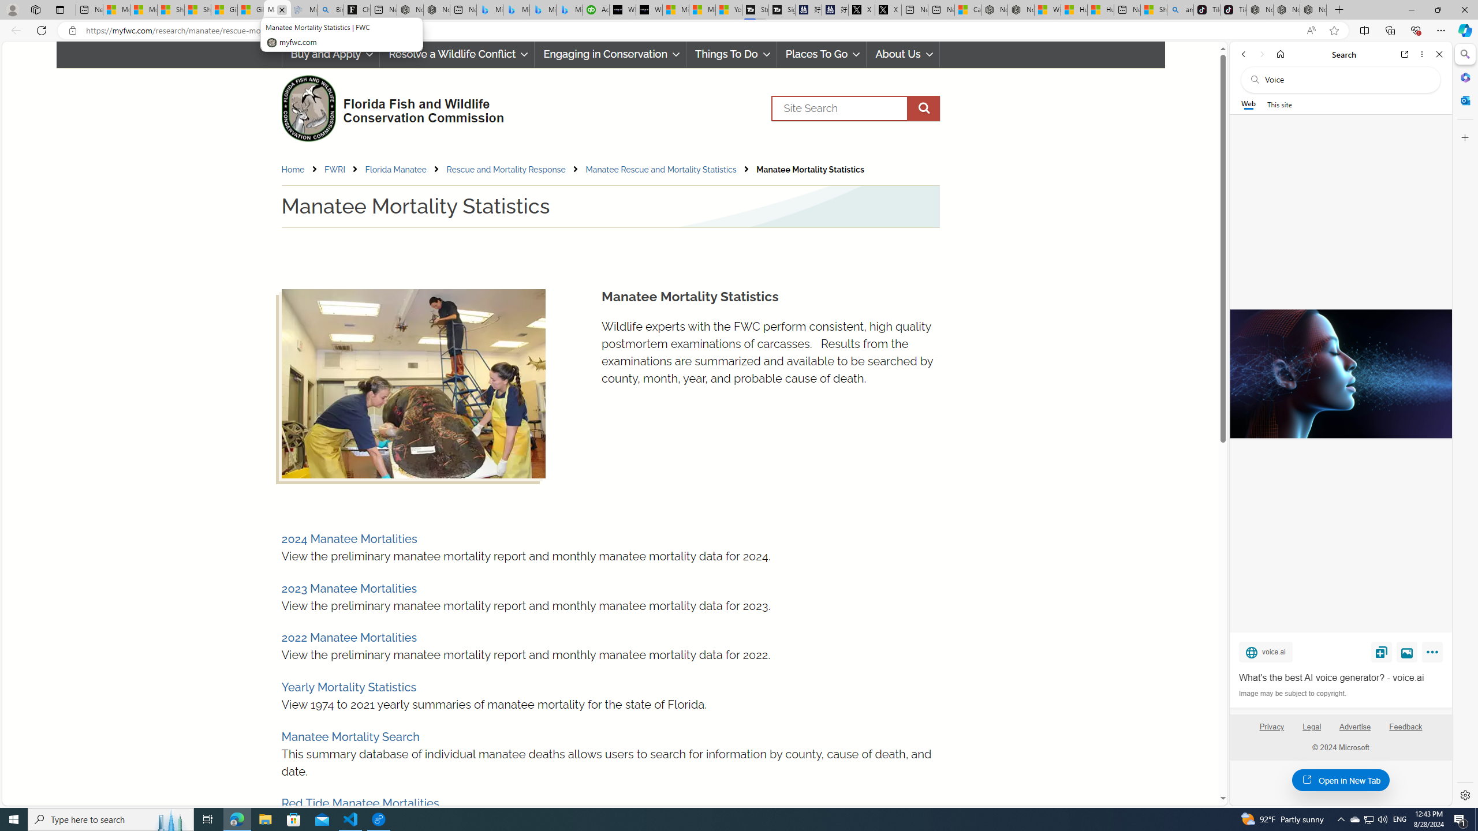 The width and height of the screenshot is (1478, 831). Describe the element at coordinates (1438, 9) in the screenshot. I see `'Restore'` at that location.